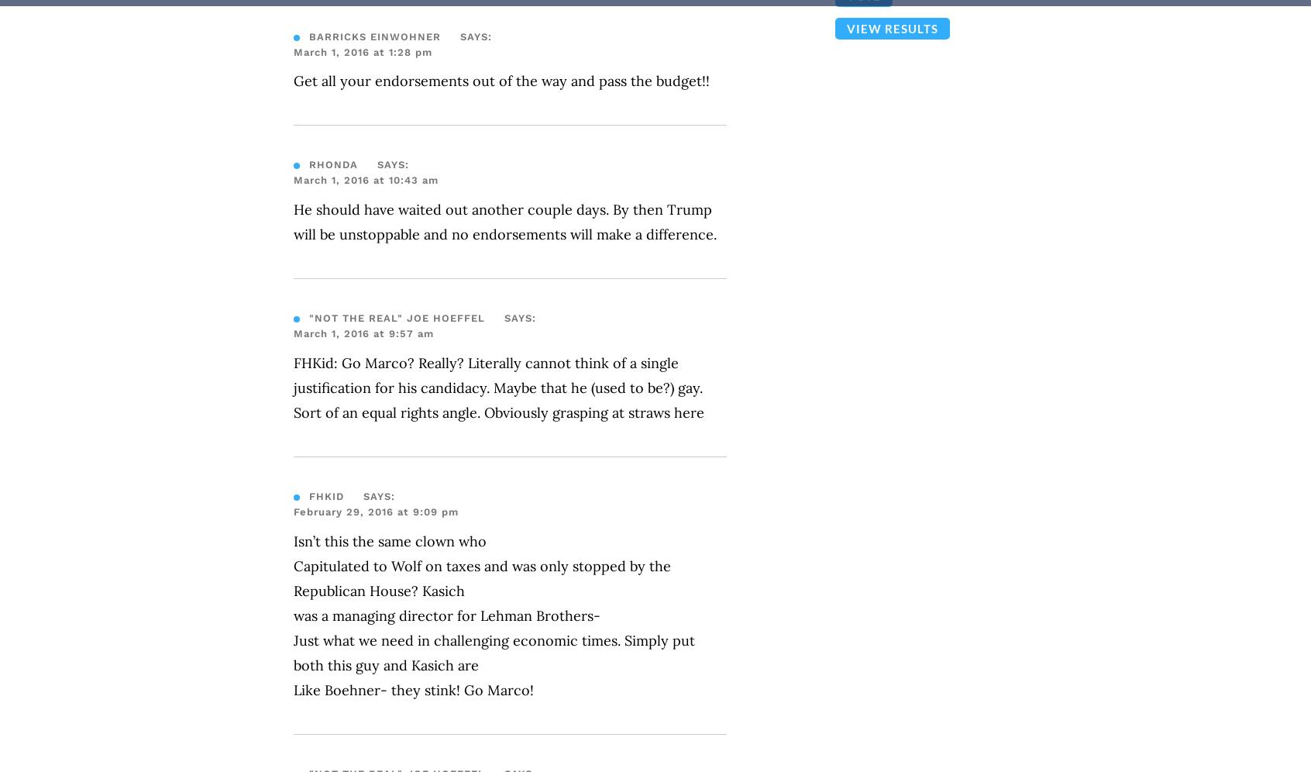 The width and height of the screenshot is (1311, 772). Describe the element at coordinates (294, 179) in the screenshot. I see `'March 1, 2016 at 10:43 am'` at that location.